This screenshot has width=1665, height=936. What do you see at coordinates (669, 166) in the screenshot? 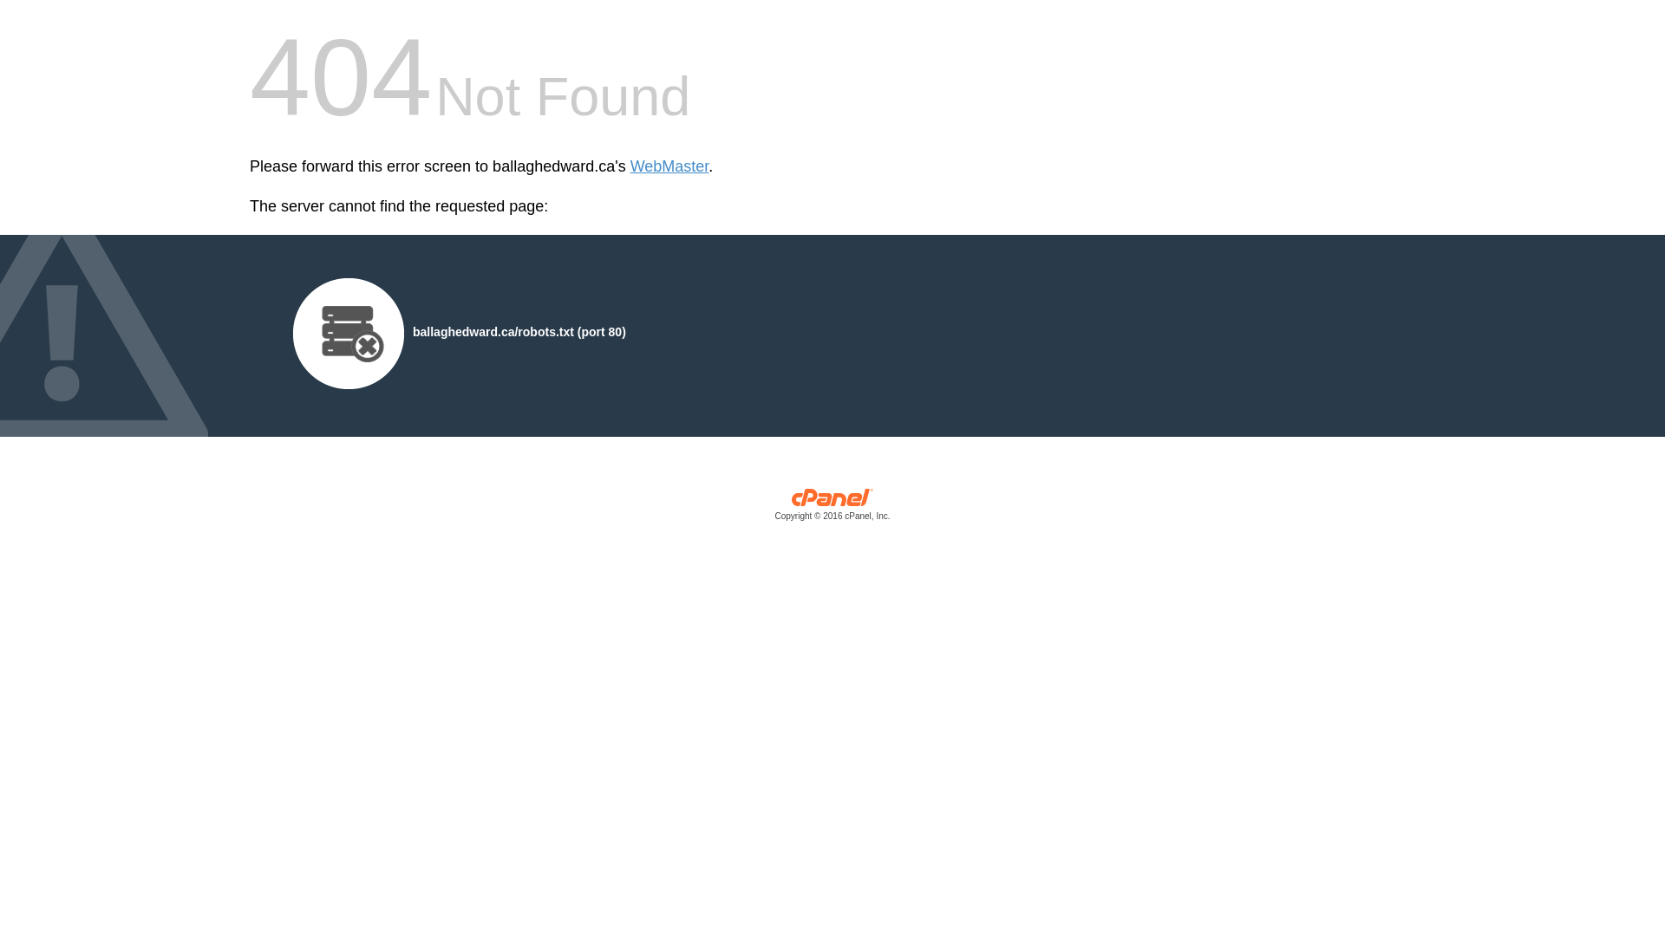
I see `'WebMaster'` at bounding box center [669, 166].